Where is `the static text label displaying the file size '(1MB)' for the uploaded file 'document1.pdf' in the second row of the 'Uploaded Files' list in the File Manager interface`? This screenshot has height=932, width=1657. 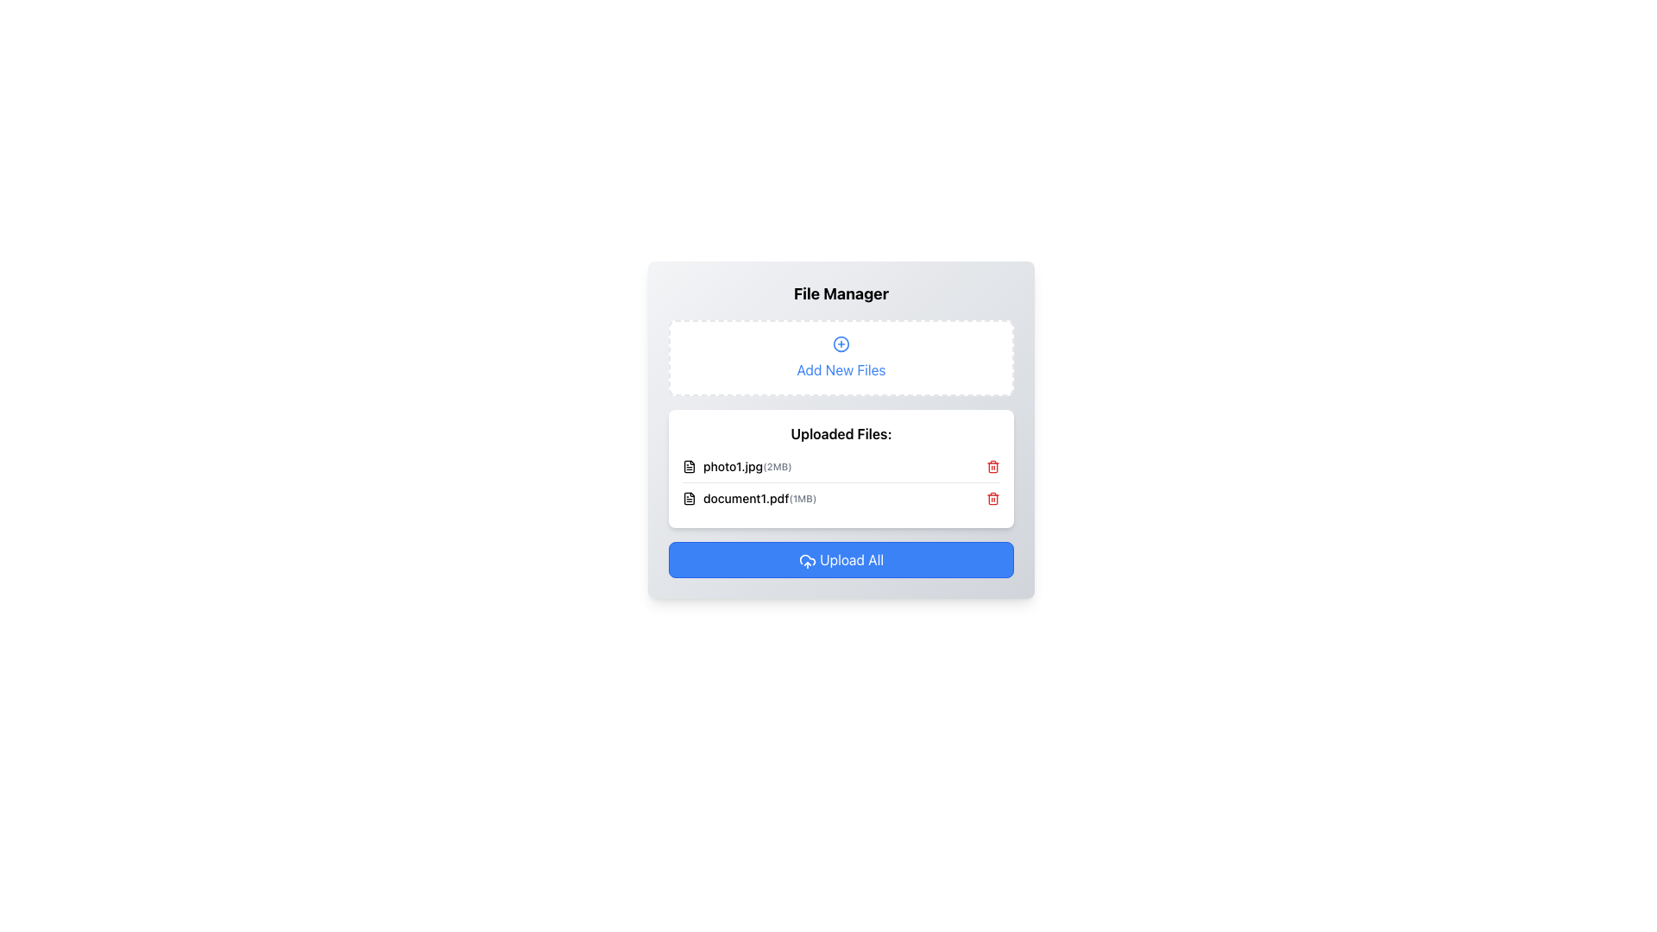 the static text label displaying the file size '(1MB)' for the uploaded file 'document1.pdf' in the second row of the 'Uploaded Files' list in the File Manager interface is located at coordinates (802, 499).